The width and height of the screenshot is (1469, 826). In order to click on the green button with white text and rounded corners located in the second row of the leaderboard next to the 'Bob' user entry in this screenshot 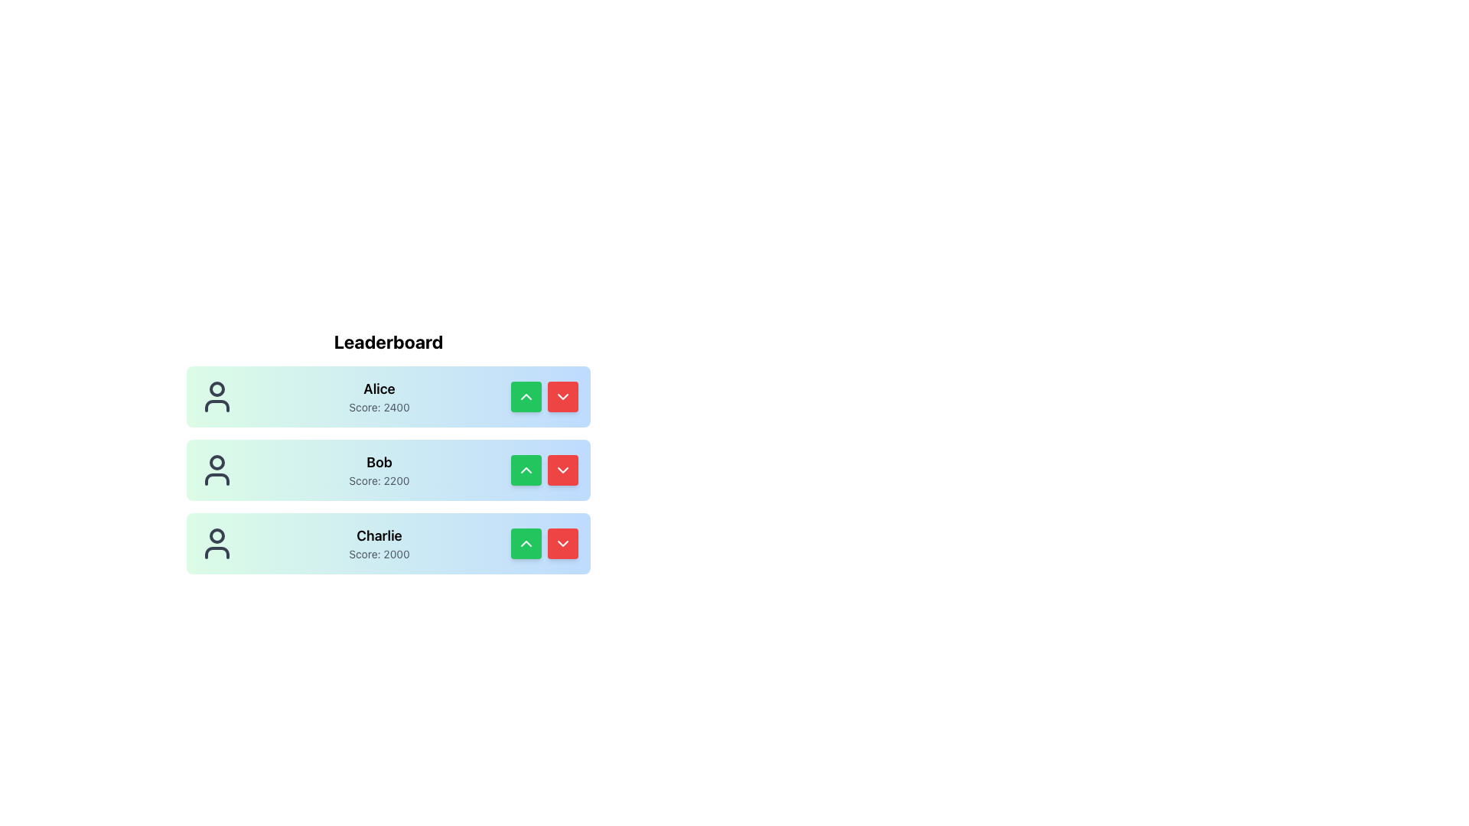, I will do `click(526, 469)`.